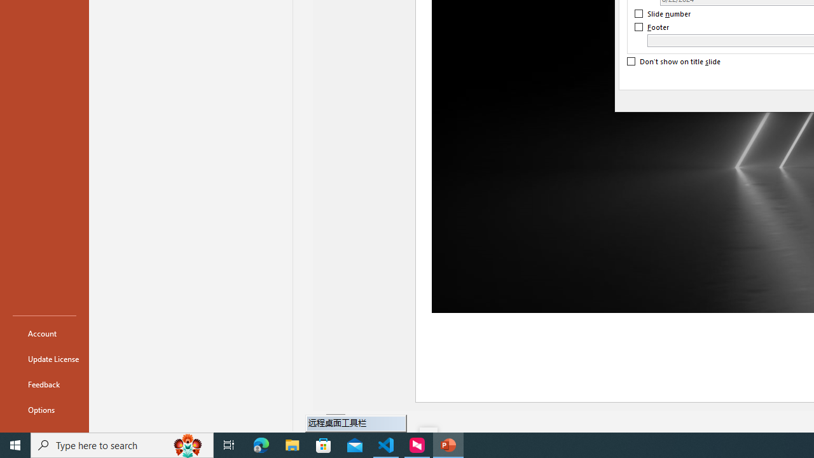 This screenshot has width=814, height=458. I want to click on 'Update License', so click(44, 359).